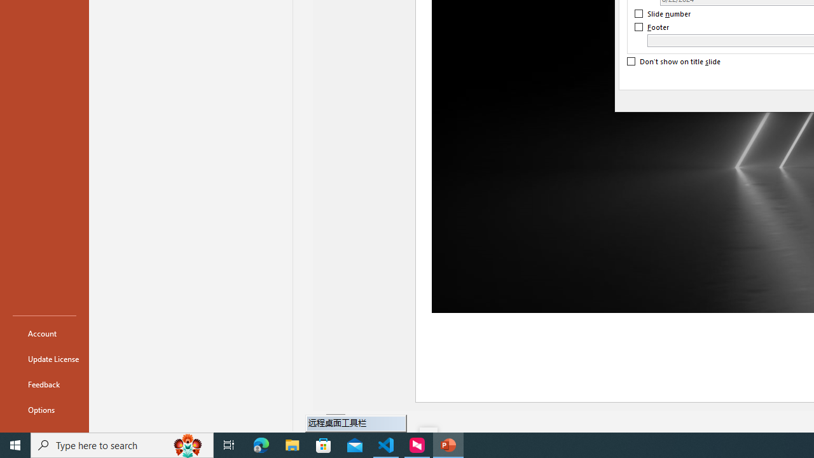 This screenshot has width=814, height=458. I want to click on 'Update License', so click(44, 359).